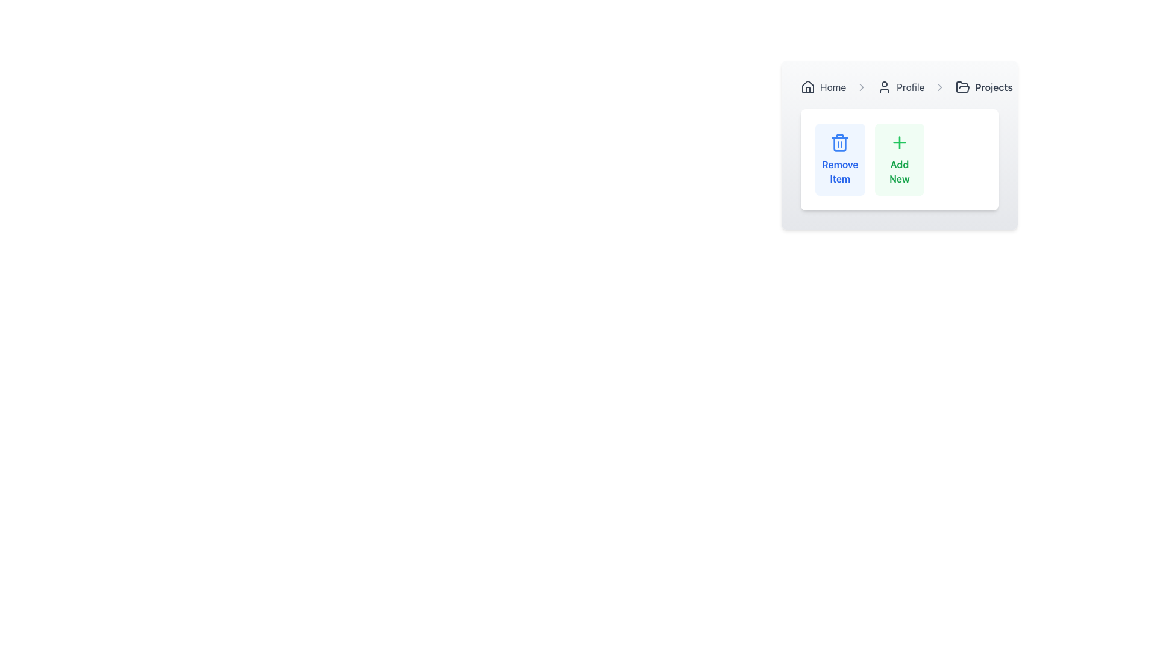 The width and height of the screenshot is (1157, 651). Describe the element at coordinates (901, 87) in the screenshot. I see `the Navigation Link located in the center of the navigation bar, which is the second item flanked by 'Home' and 'Projects'` at that location.